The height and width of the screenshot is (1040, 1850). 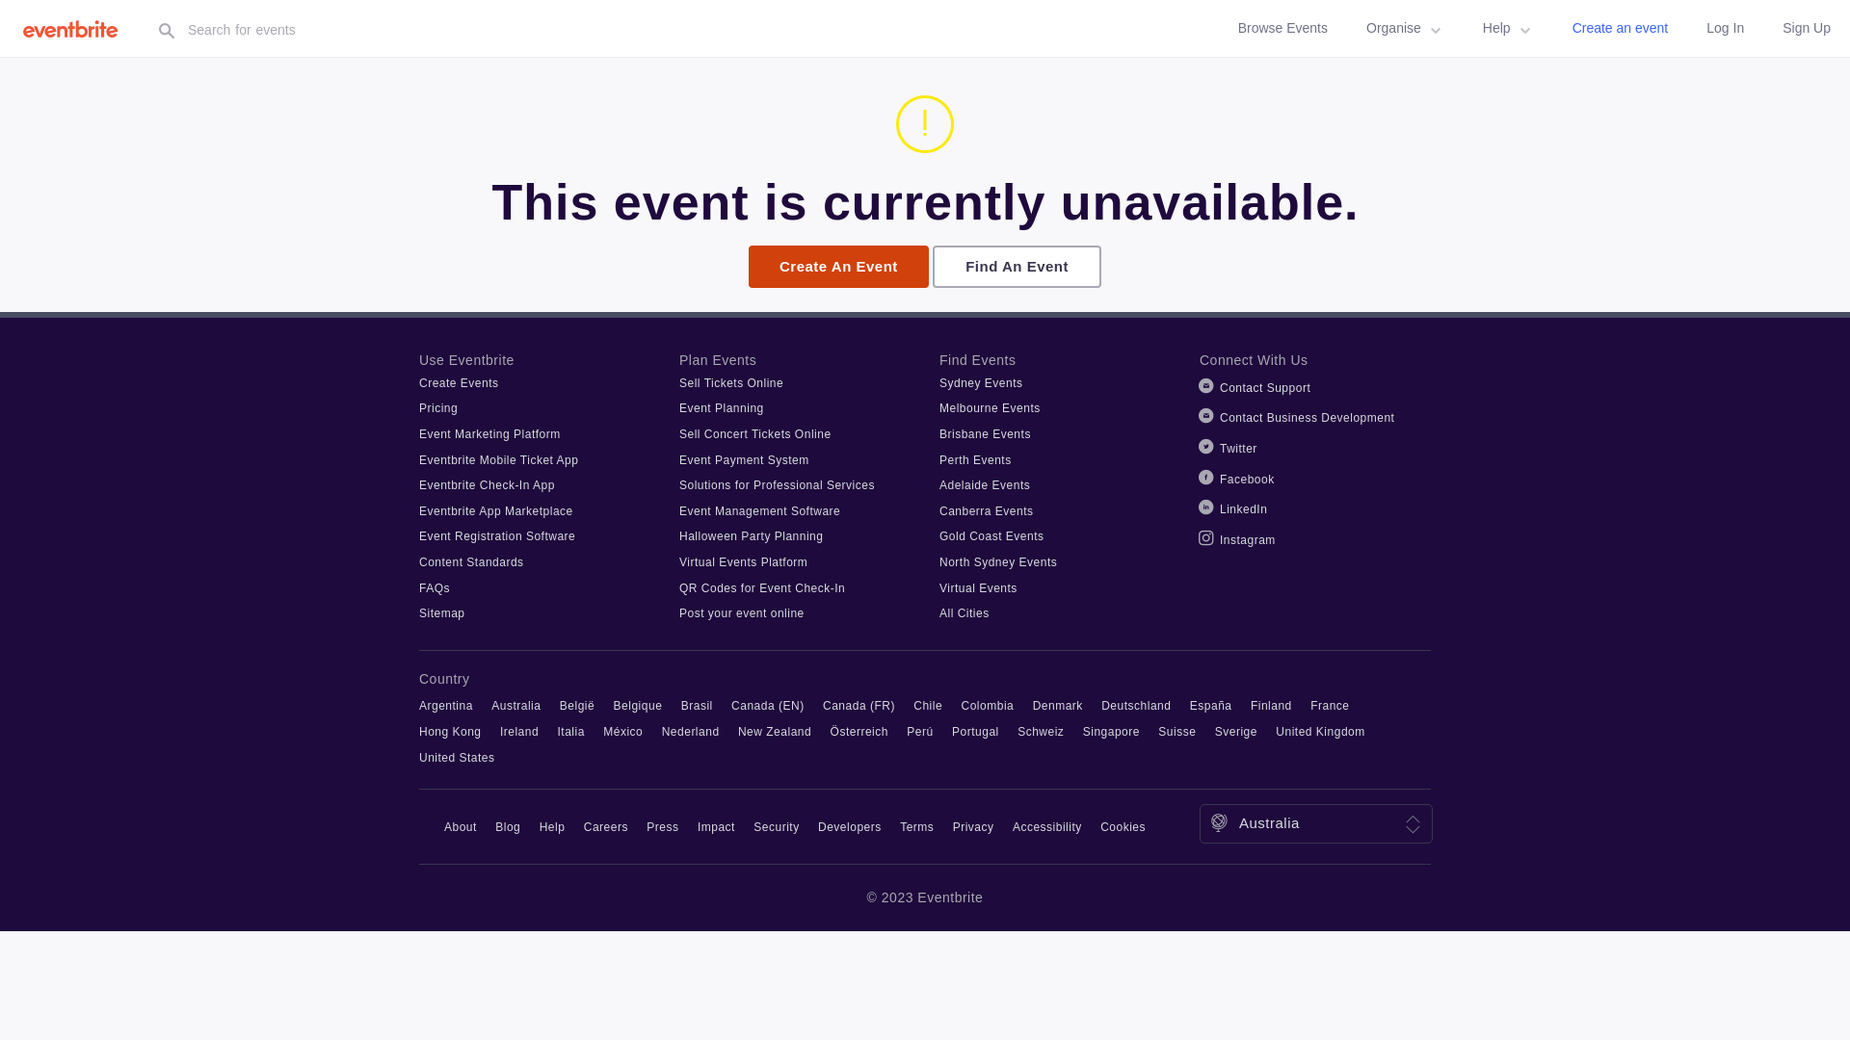 What do you see at coordinates (1318, 731) in the screenshot?
I see `'United Kingdom'` at bounding box center [1318, 731].